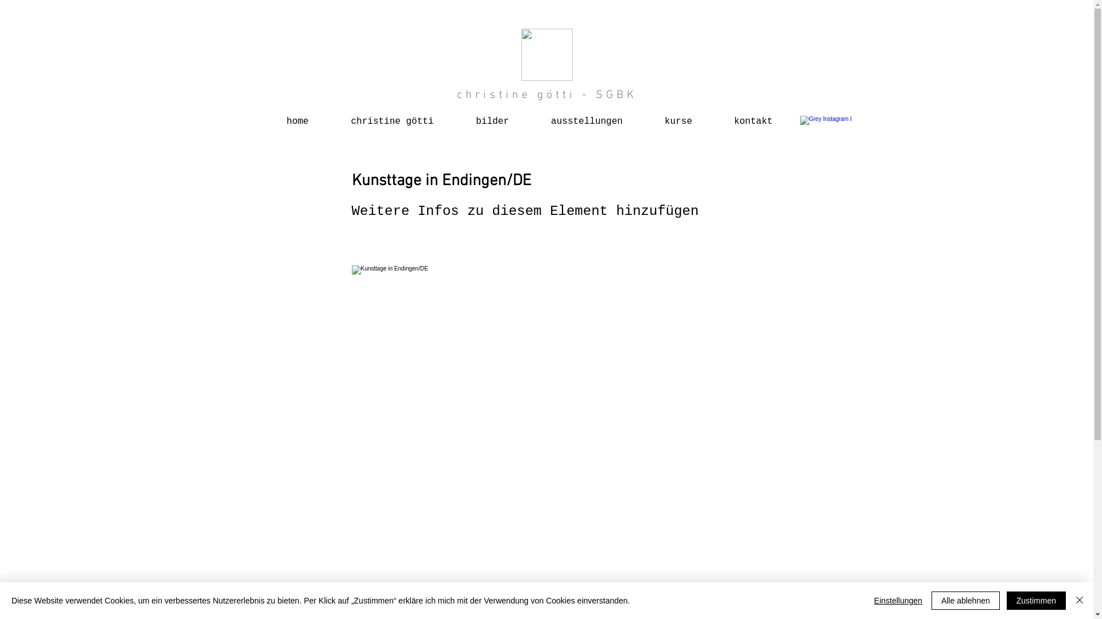 The image size is (1102, 619). I want to click on 'kurse', so click(678, 116).